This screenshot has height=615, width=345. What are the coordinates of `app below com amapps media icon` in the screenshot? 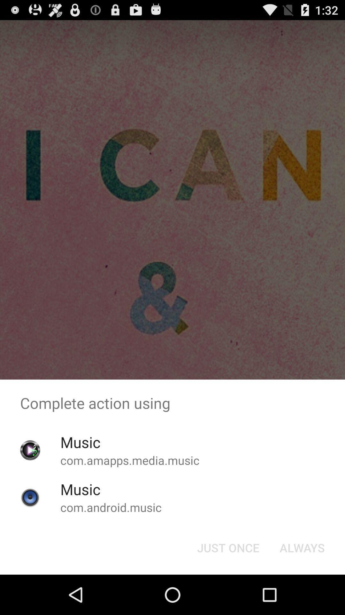 It's located at (228, 547).